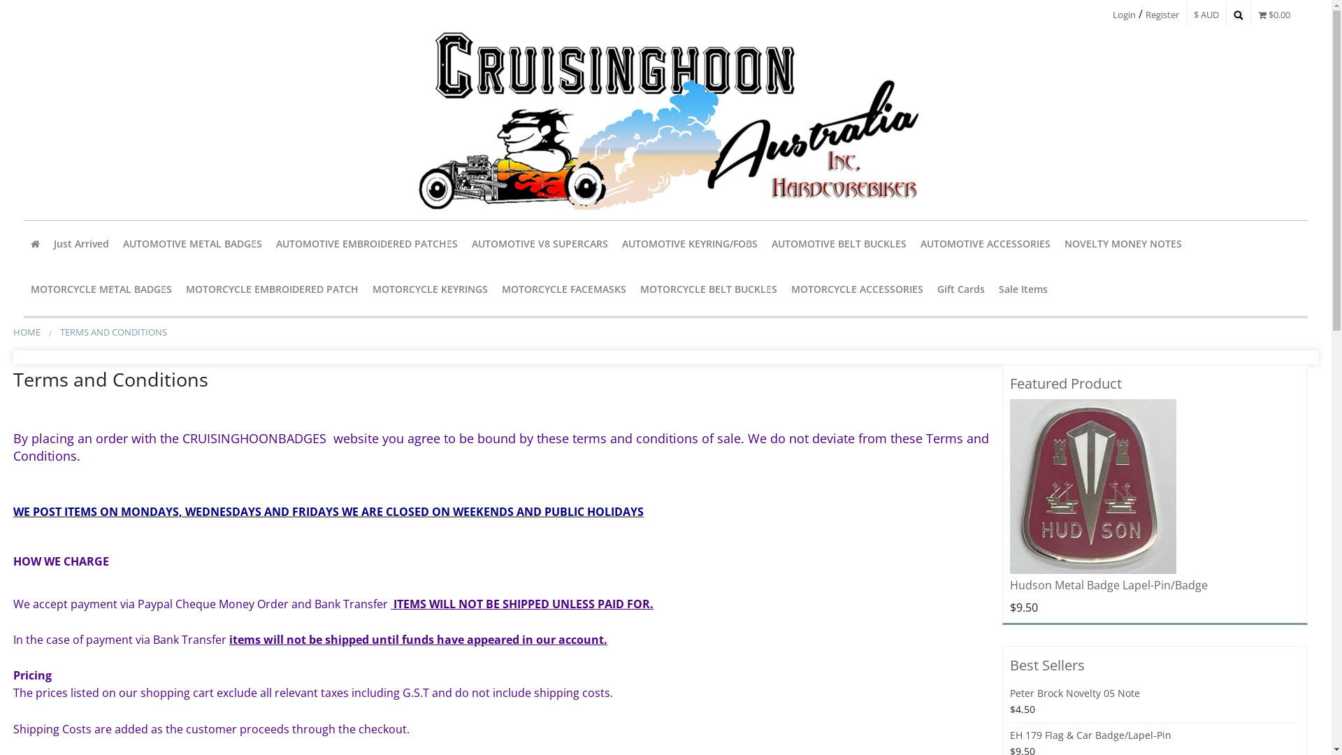  Describe the element at coordinates (80, 243) in the screenshot. I see `'Just Arrived'` at that location.